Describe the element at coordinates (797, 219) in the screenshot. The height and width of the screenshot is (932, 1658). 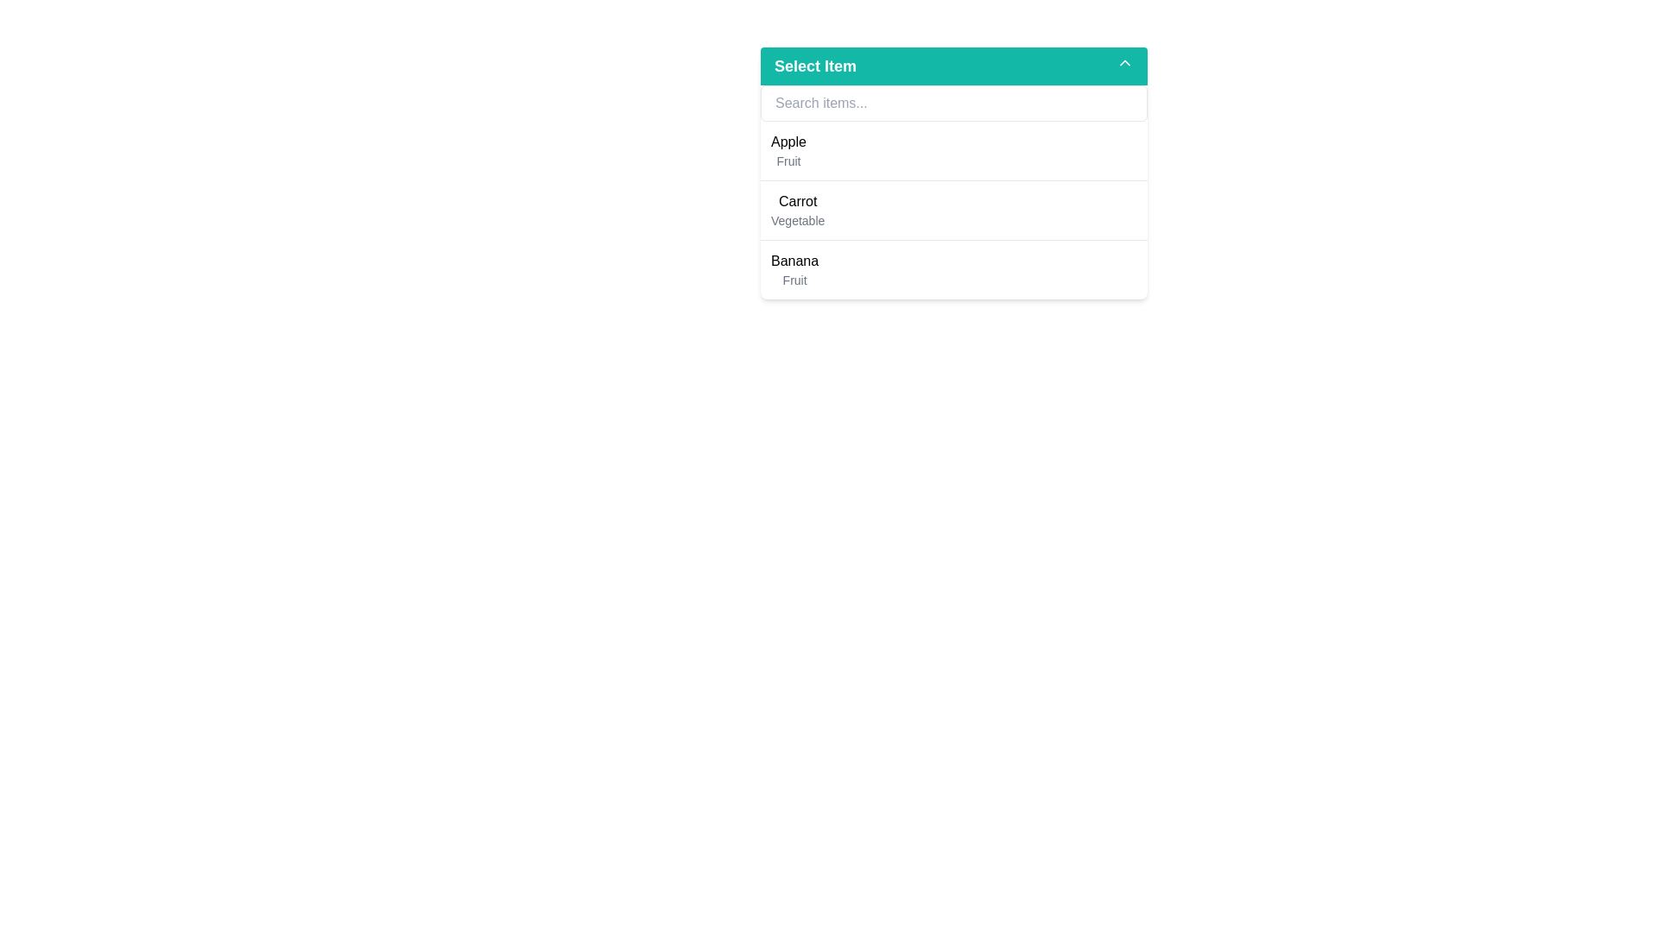
I see `the 'Vegetable' label, which is a small gray text label located directly below the 'Carrot' entry in the dropdown menu` at that location.